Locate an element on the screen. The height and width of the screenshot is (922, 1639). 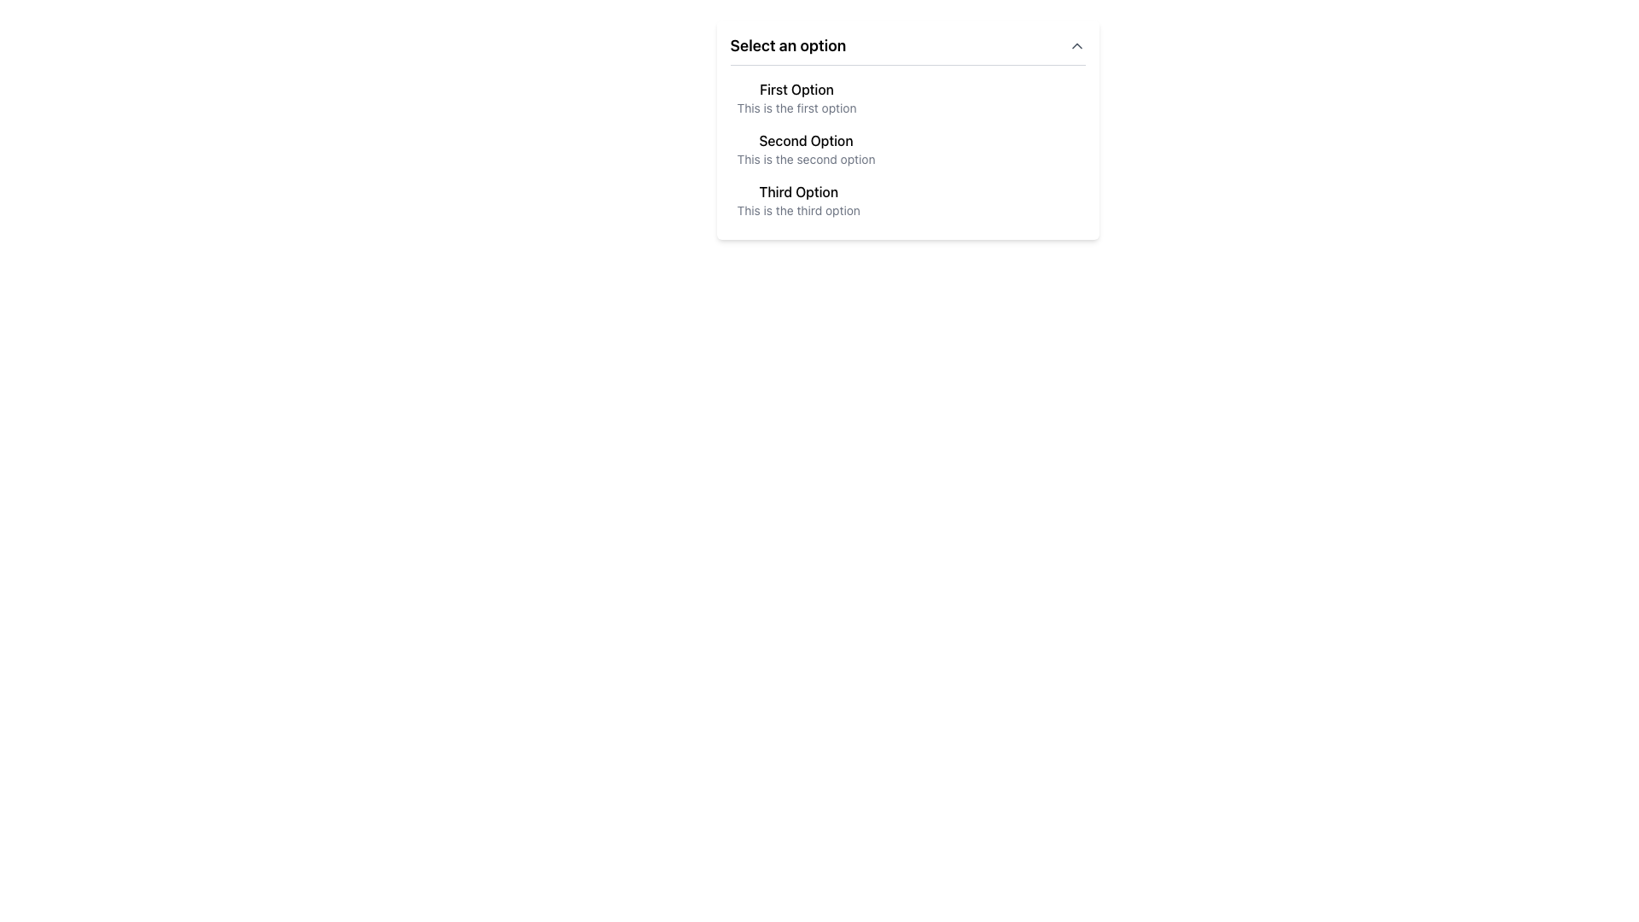
the selectable list item labeled 'Second Option' is located at coordinates (907, 129).